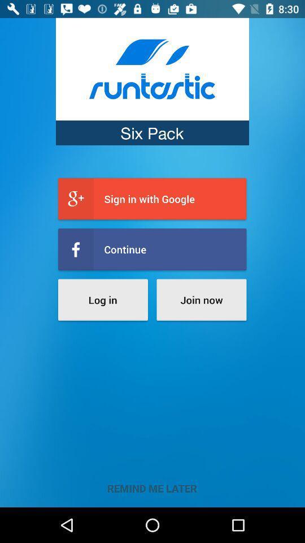  Describe the element at coordinates (201, 299) in the screenshot. I see `icon to the right of log in icon` at that location.